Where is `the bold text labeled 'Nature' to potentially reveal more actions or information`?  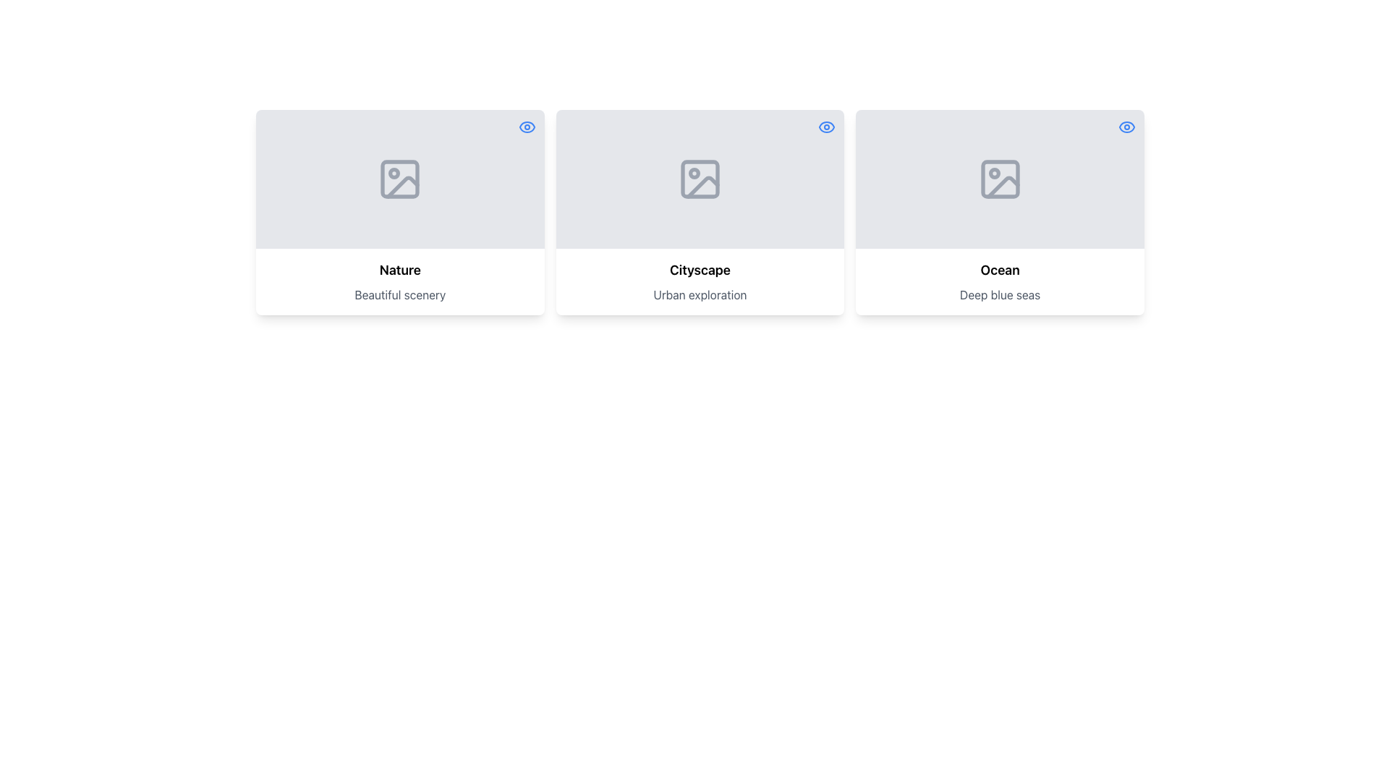
the bold text labeled 'Nature' to potentially reveal more actions or information is located at coordinates (400, 270).